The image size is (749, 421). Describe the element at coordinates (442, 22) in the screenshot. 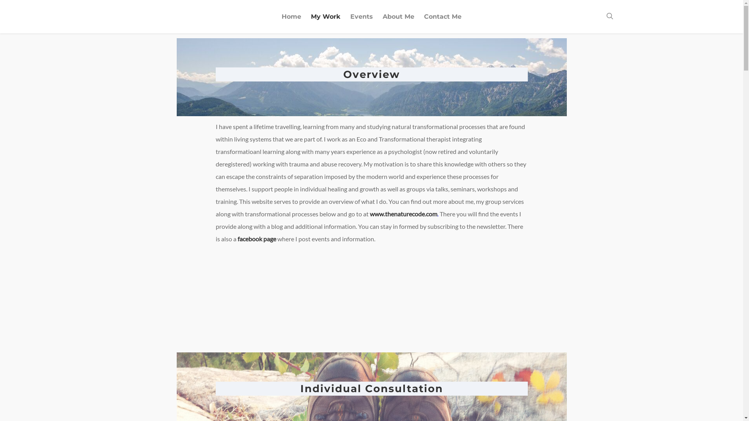

I see `'Contact Me'` at that location.